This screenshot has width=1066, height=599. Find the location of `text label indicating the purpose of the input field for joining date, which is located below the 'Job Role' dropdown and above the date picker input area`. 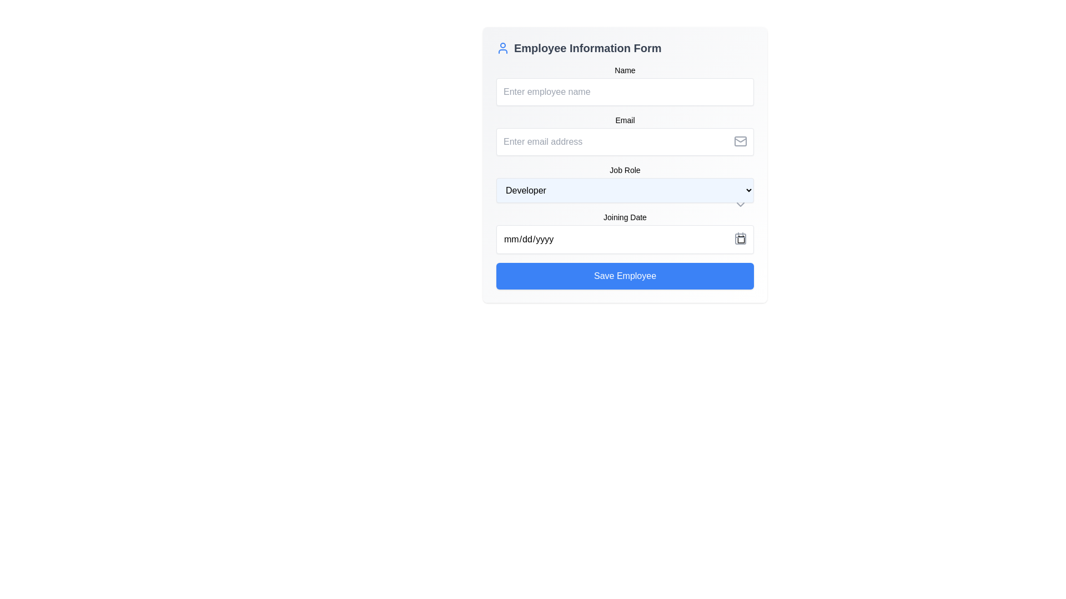

text label indicating the purpose of the input field for joining date, which is located below the 'Job Role' dropdown and above the date picker input area is located at coordinates (625, 217).